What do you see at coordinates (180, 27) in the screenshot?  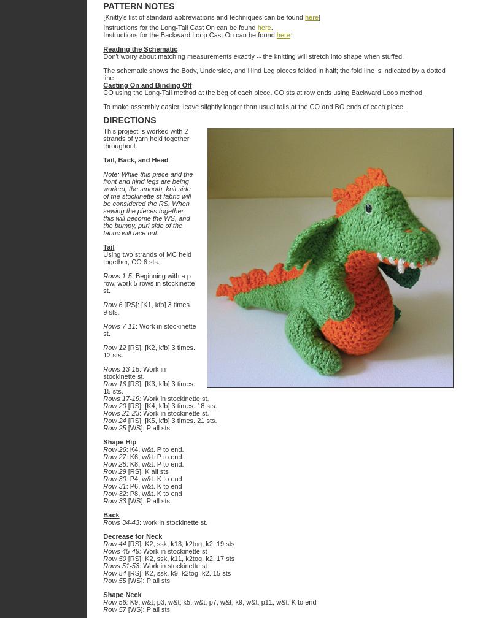 I see `'Instructions 
                            for the Long-Tail Cast On can be found'` at bounding box center [180, 27].